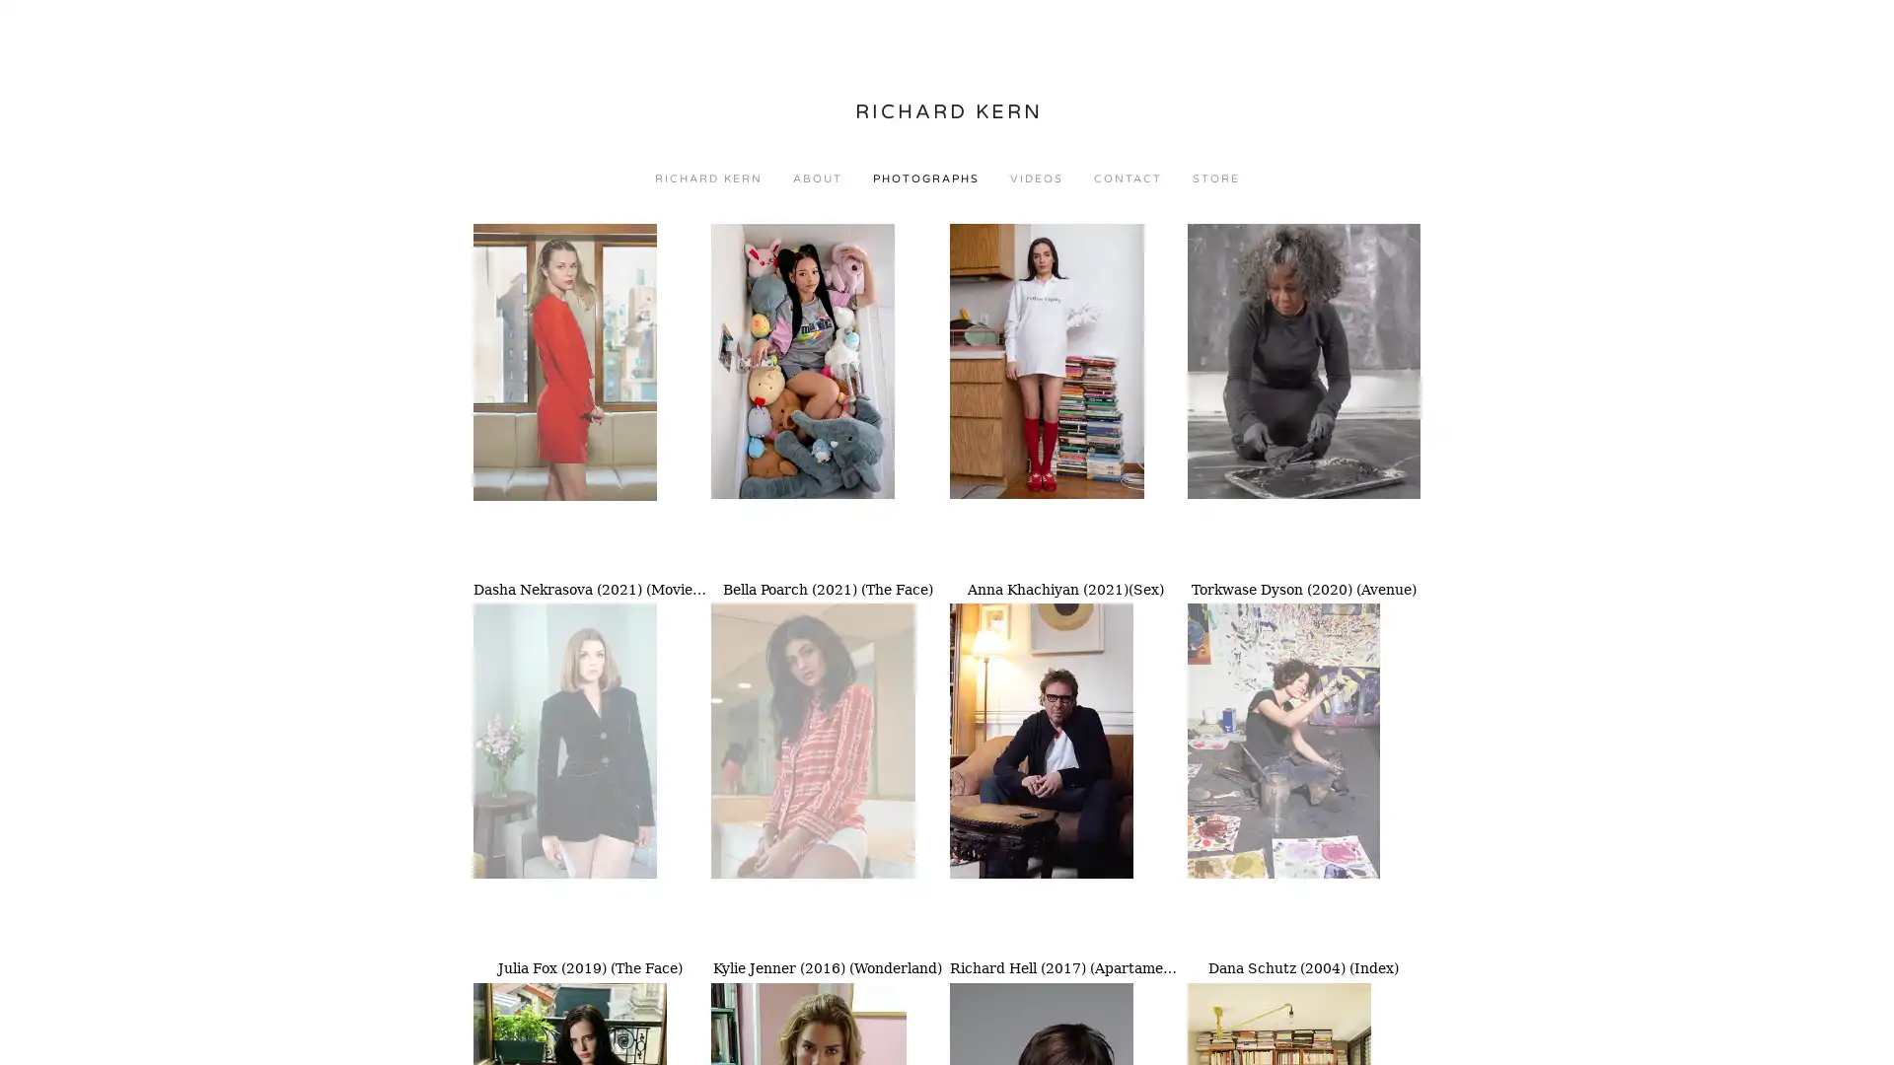 The width and height of the screenshot is (1894, 1065). What do you see at coordinates (589, 398) in the screenshot?
I see `View fullsize Dasha Nekrasova (2021) (MovieMaker)` at bounding box center [589, 398].